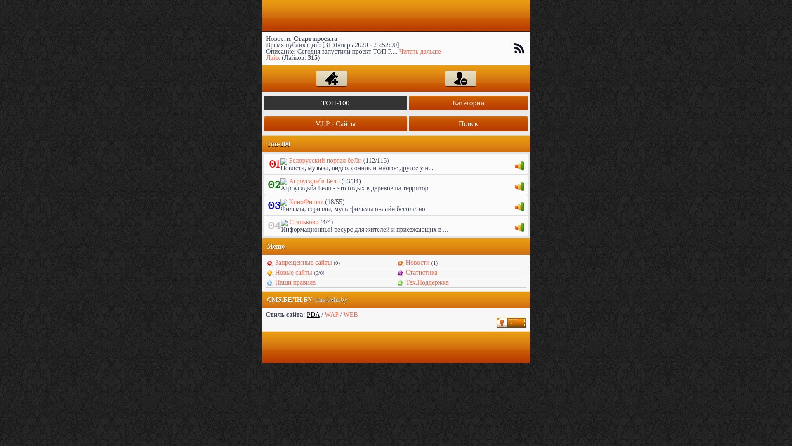 The width and height of the screenshot is (792, 446). What do you see at coordinates (350, 314) in the screenshot?
I see `'WEB'` at bounding box center [350, 314].